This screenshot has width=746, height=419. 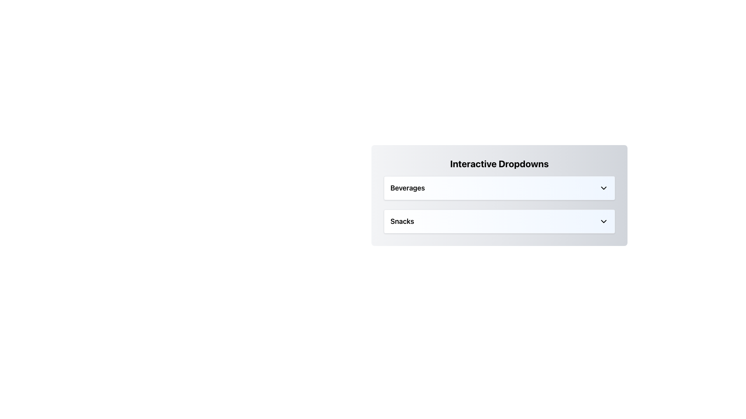 What do you see at coordinates (603, 221) in the screenshot?
I see `the downward-pointing chevron icon located on the right side of the 'Snacks' row` at bounding box center [603, 221].